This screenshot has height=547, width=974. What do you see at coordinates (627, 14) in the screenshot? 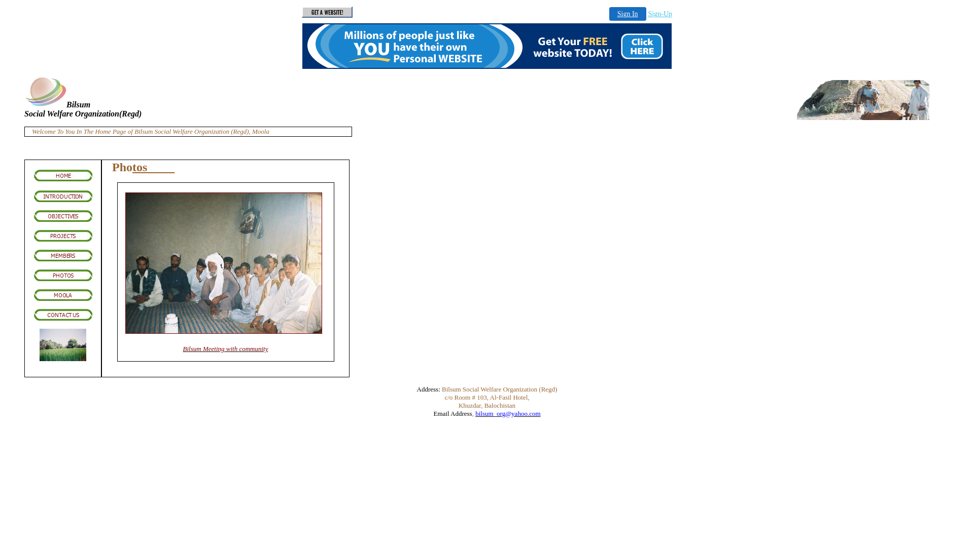
I see `'Sign In'` at bounding box center [627, 14].